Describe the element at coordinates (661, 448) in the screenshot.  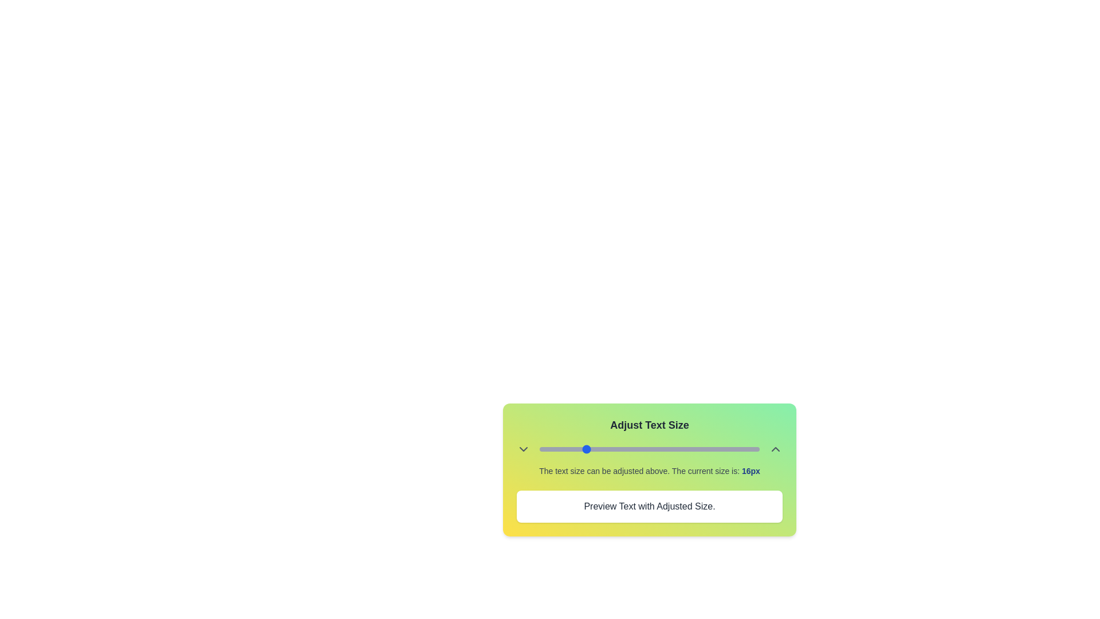
I see `the text size to 30px using the slider` at that location.